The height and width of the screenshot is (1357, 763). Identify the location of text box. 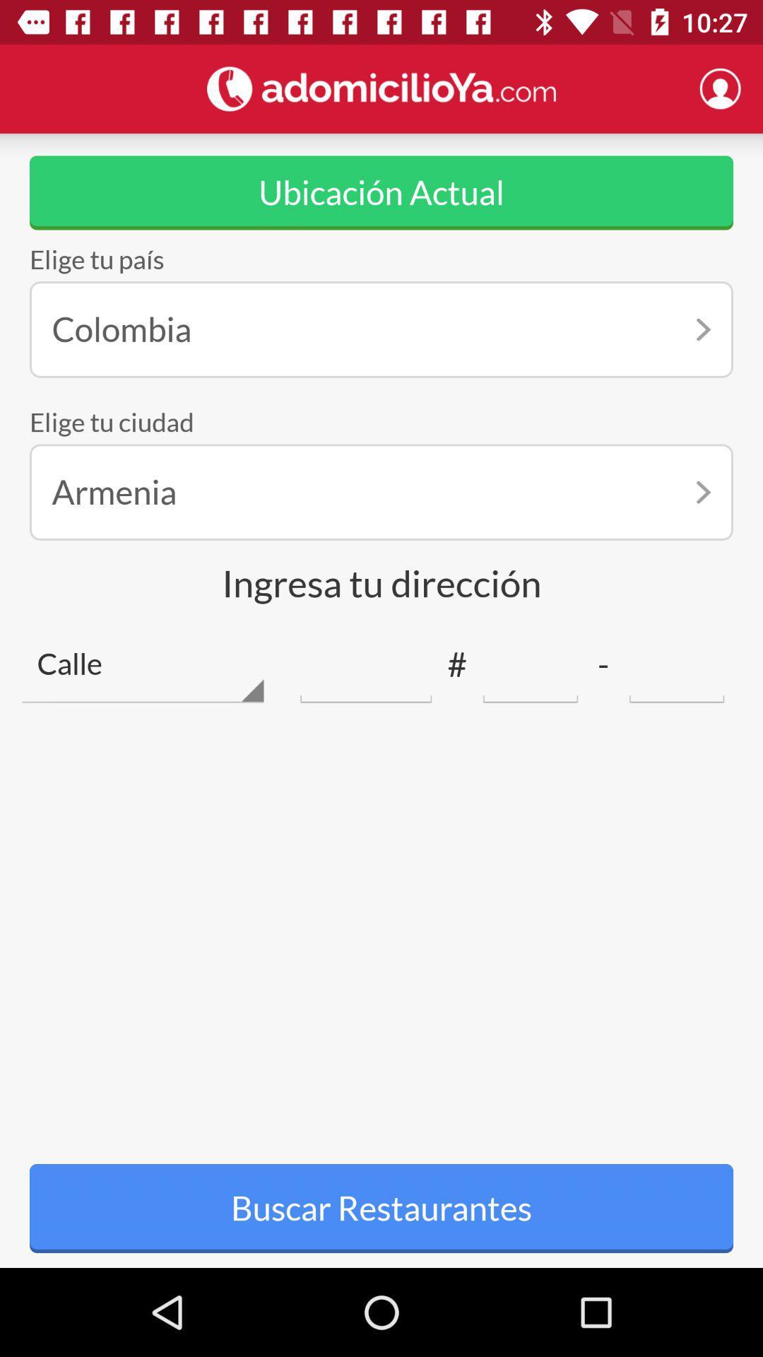
(676, 664).